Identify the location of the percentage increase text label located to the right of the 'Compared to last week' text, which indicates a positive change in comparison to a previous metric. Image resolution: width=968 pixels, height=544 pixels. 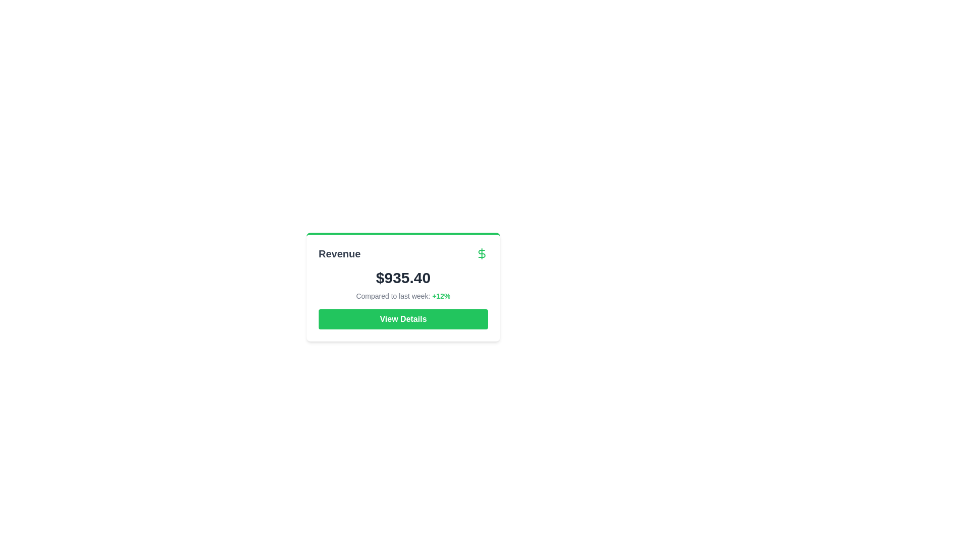
(441, 295).